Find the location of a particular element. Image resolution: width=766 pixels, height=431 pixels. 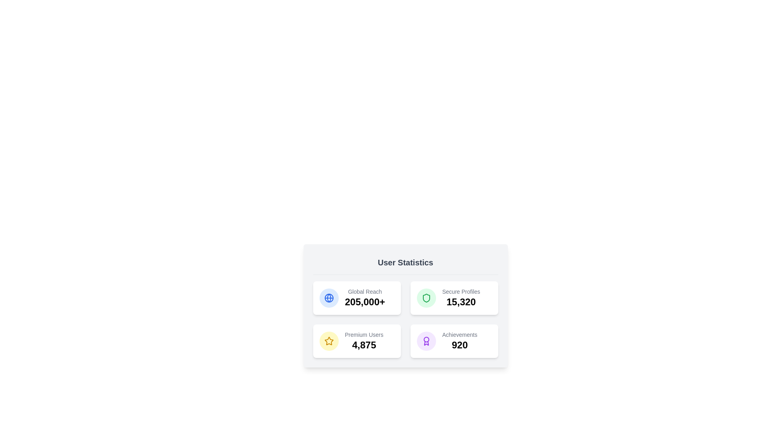

displayed information on the third card in the grid layout, which shows 'Premium Users 4,875' is located at coordinates (356, 341).